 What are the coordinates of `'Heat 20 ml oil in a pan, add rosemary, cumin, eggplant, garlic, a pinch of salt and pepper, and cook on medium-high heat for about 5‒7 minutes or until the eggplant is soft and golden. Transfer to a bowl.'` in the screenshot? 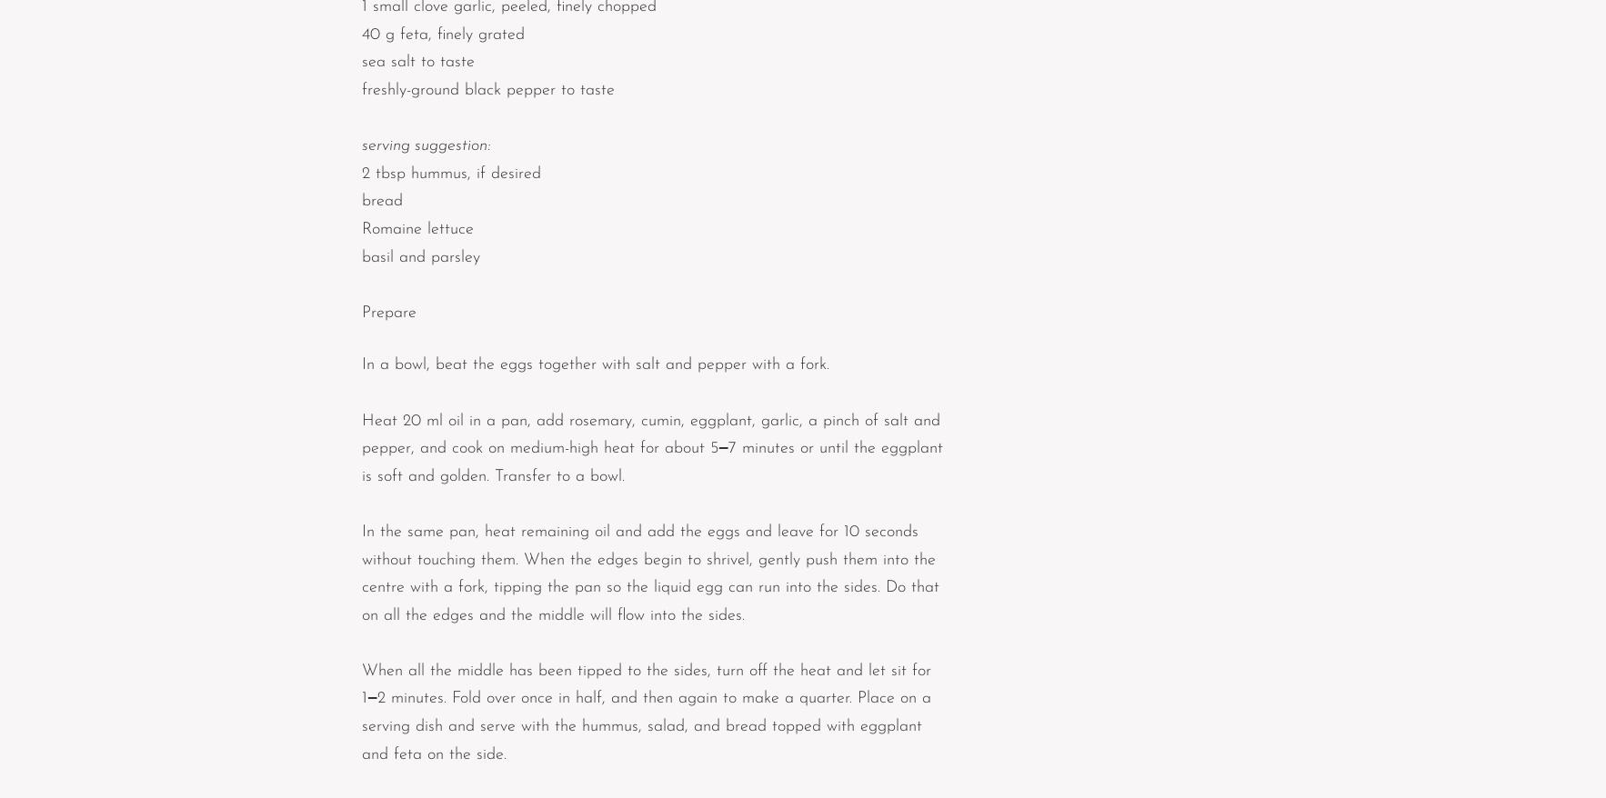 It's located at (655, 447).